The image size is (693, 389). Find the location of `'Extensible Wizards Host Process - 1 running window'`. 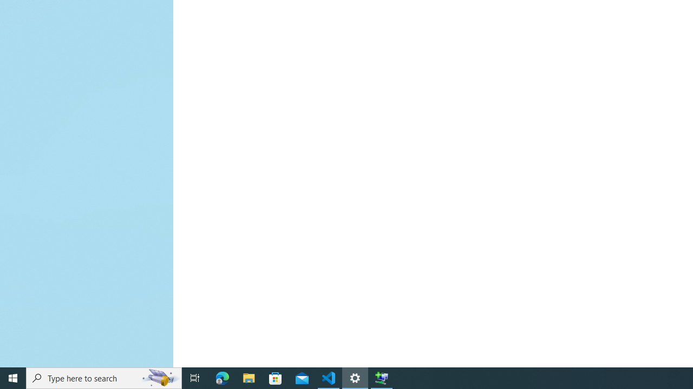

'Extensible Wizards Host Process - 1 running window' is located at coordinates (382, 377).